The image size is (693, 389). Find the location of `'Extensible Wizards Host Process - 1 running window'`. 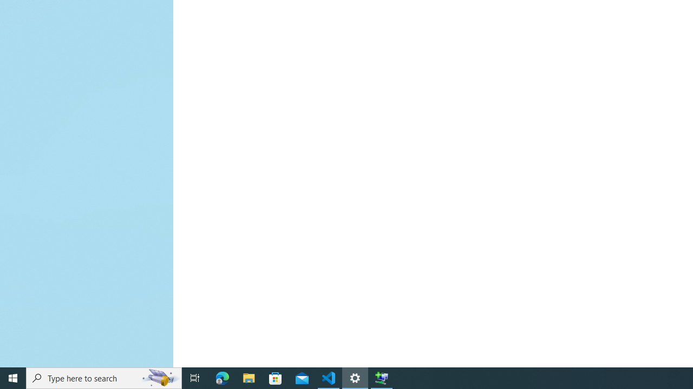

'Extensible Wizards Host Process - 1 running window' is located at coordinates (382, 377).